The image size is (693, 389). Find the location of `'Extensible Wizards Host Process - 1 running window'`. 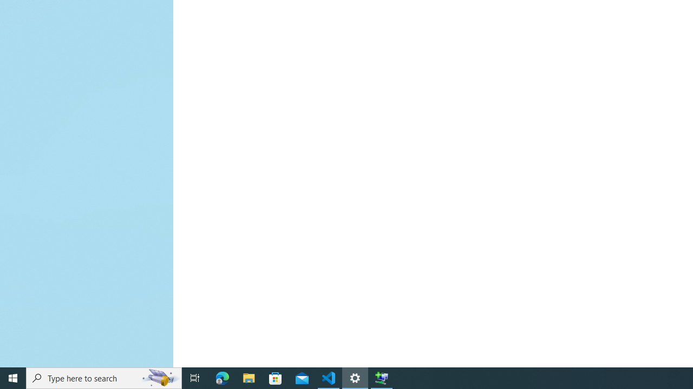

'Extensible Wizards Host Process - 1 running window' is located at coordinates (382, 377).